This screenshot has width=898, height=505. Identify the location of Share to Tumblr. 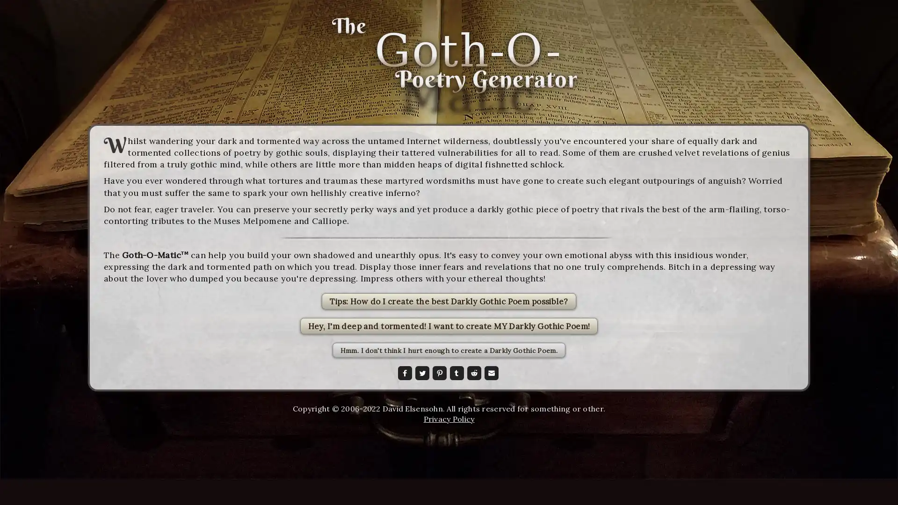
(457, 372).